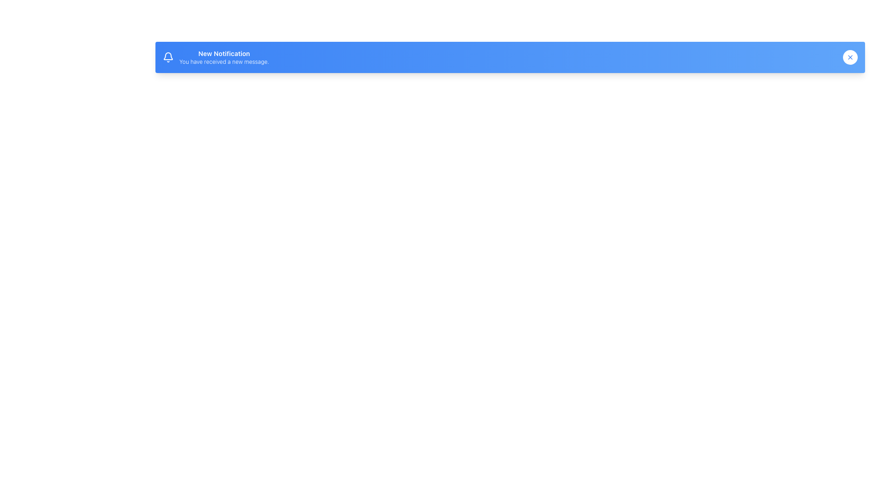 The image size is (883, 496). What do you see at coordinates (224, 57) in the screenshot?
I see `the Text Display located on the left side of the blue notification bar, adjacent to the bell icon` at bounding box center [224, 57].